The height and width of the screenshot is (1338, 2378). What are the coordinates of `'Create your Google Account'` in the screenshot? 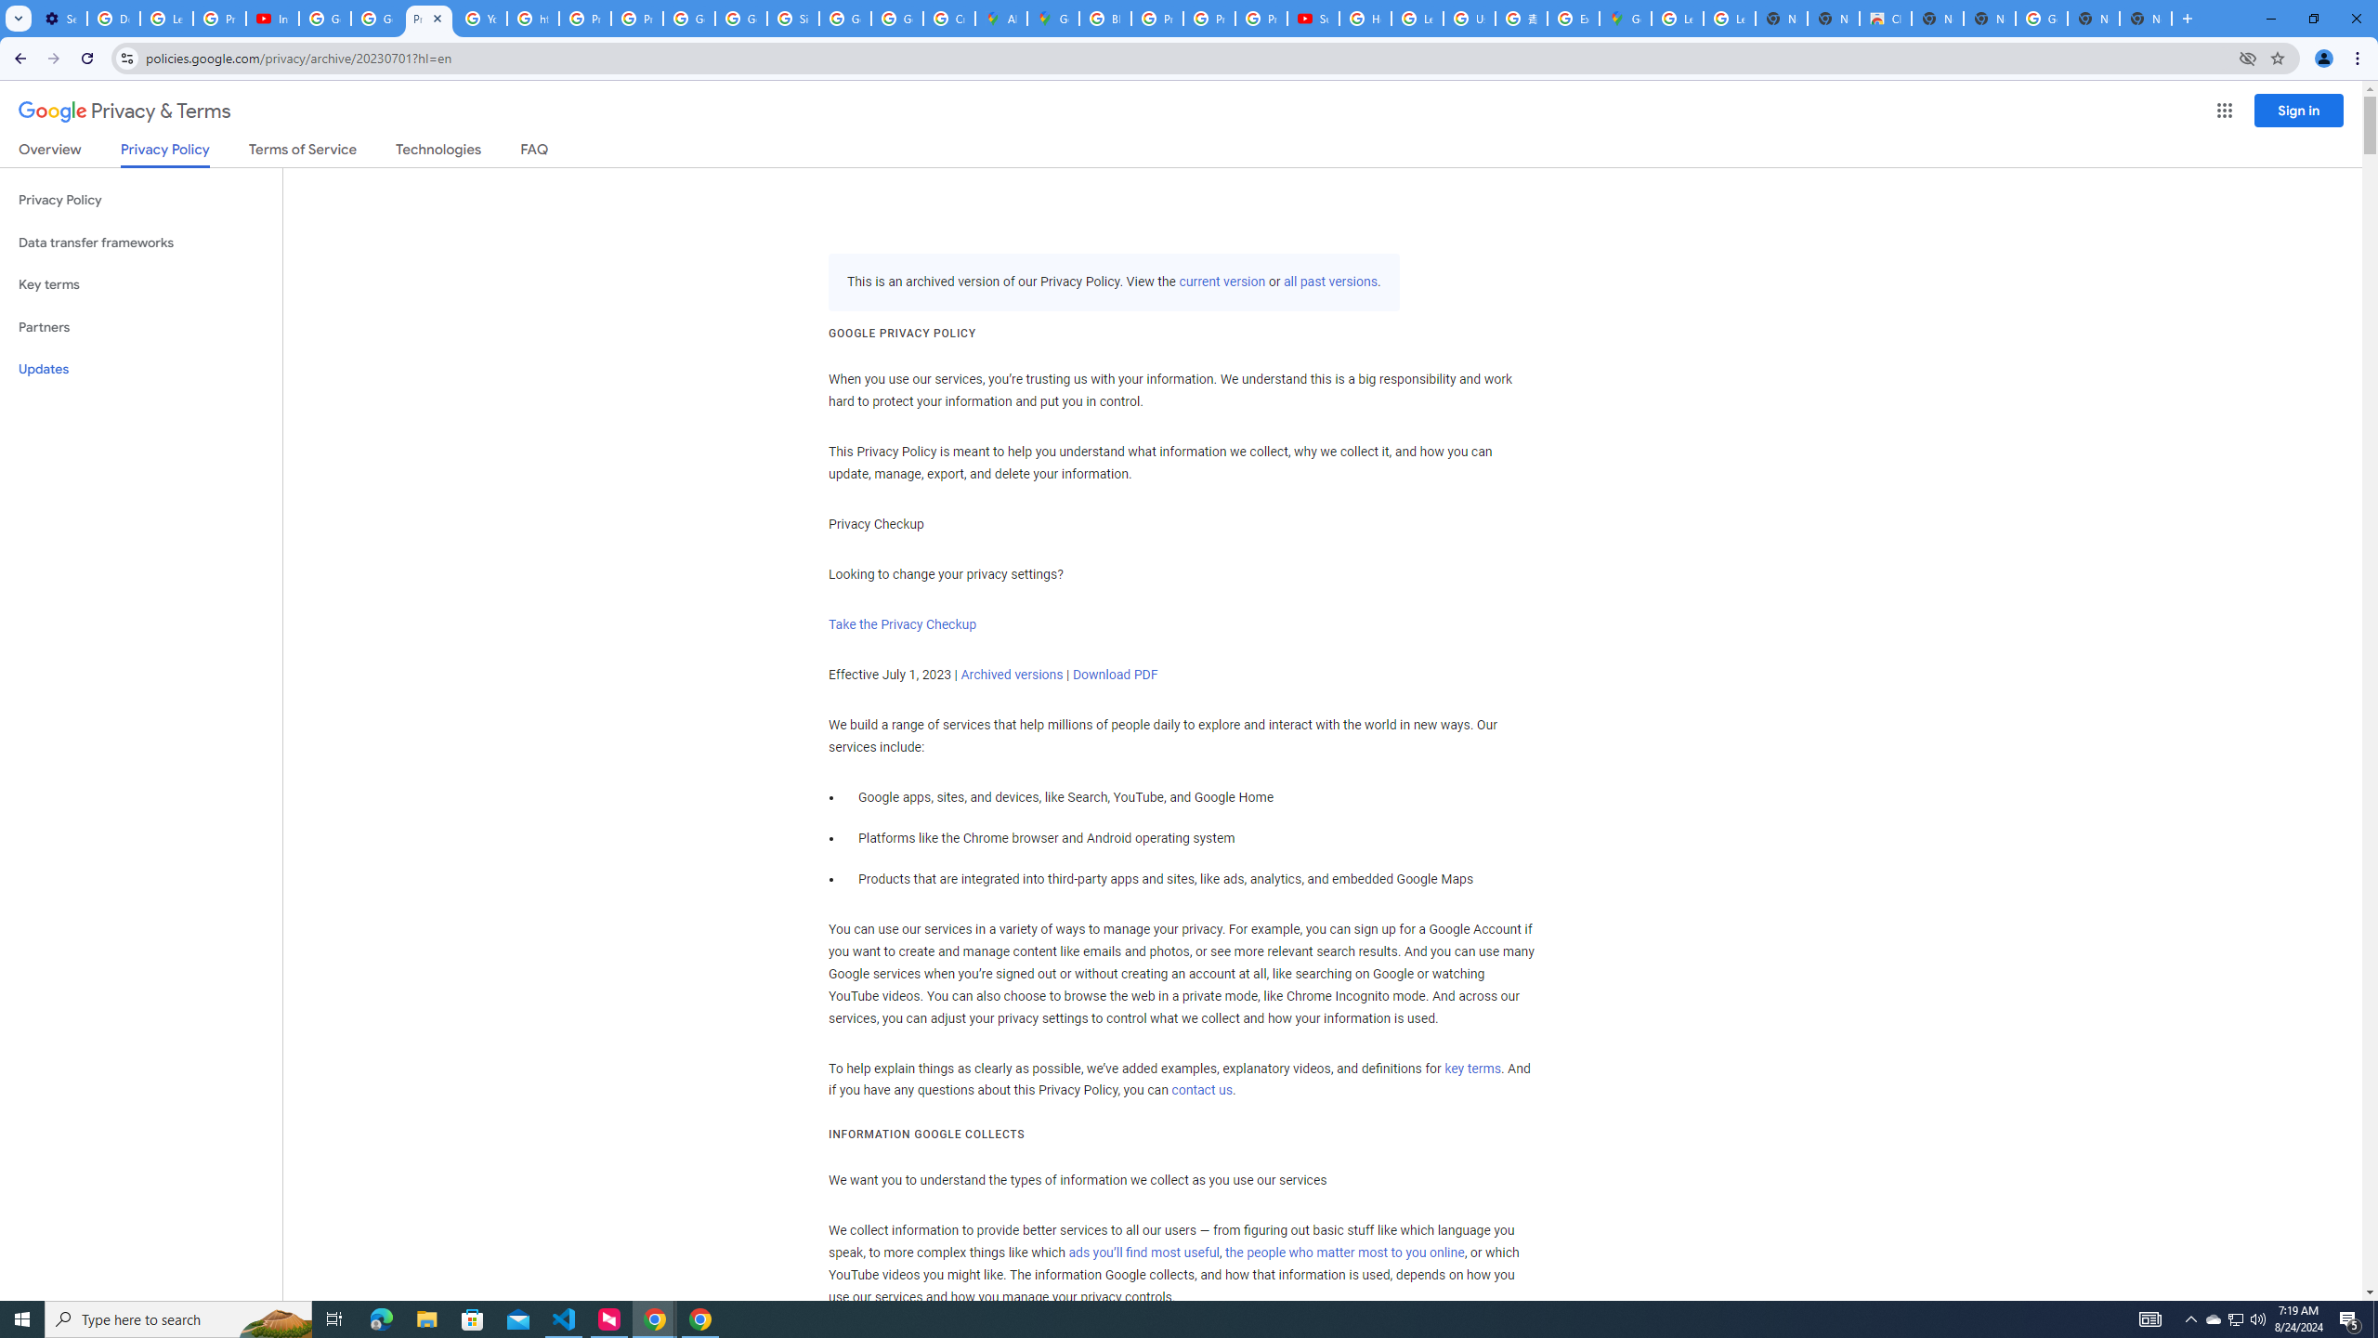 It's located at (949, 18).